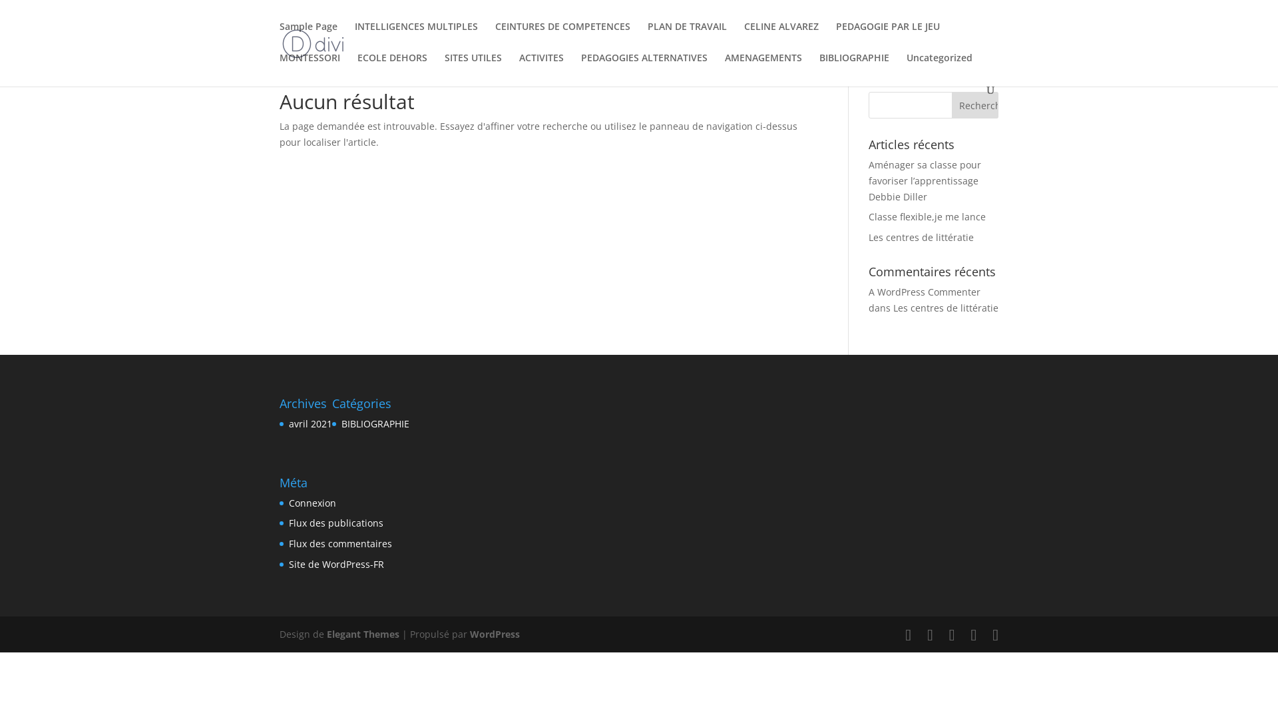  What do you see at coordinates (888, 37) in the screenshot?
I see `'PEDAGOGIE PAR LE JEU'` at bounding box center [888, 37].